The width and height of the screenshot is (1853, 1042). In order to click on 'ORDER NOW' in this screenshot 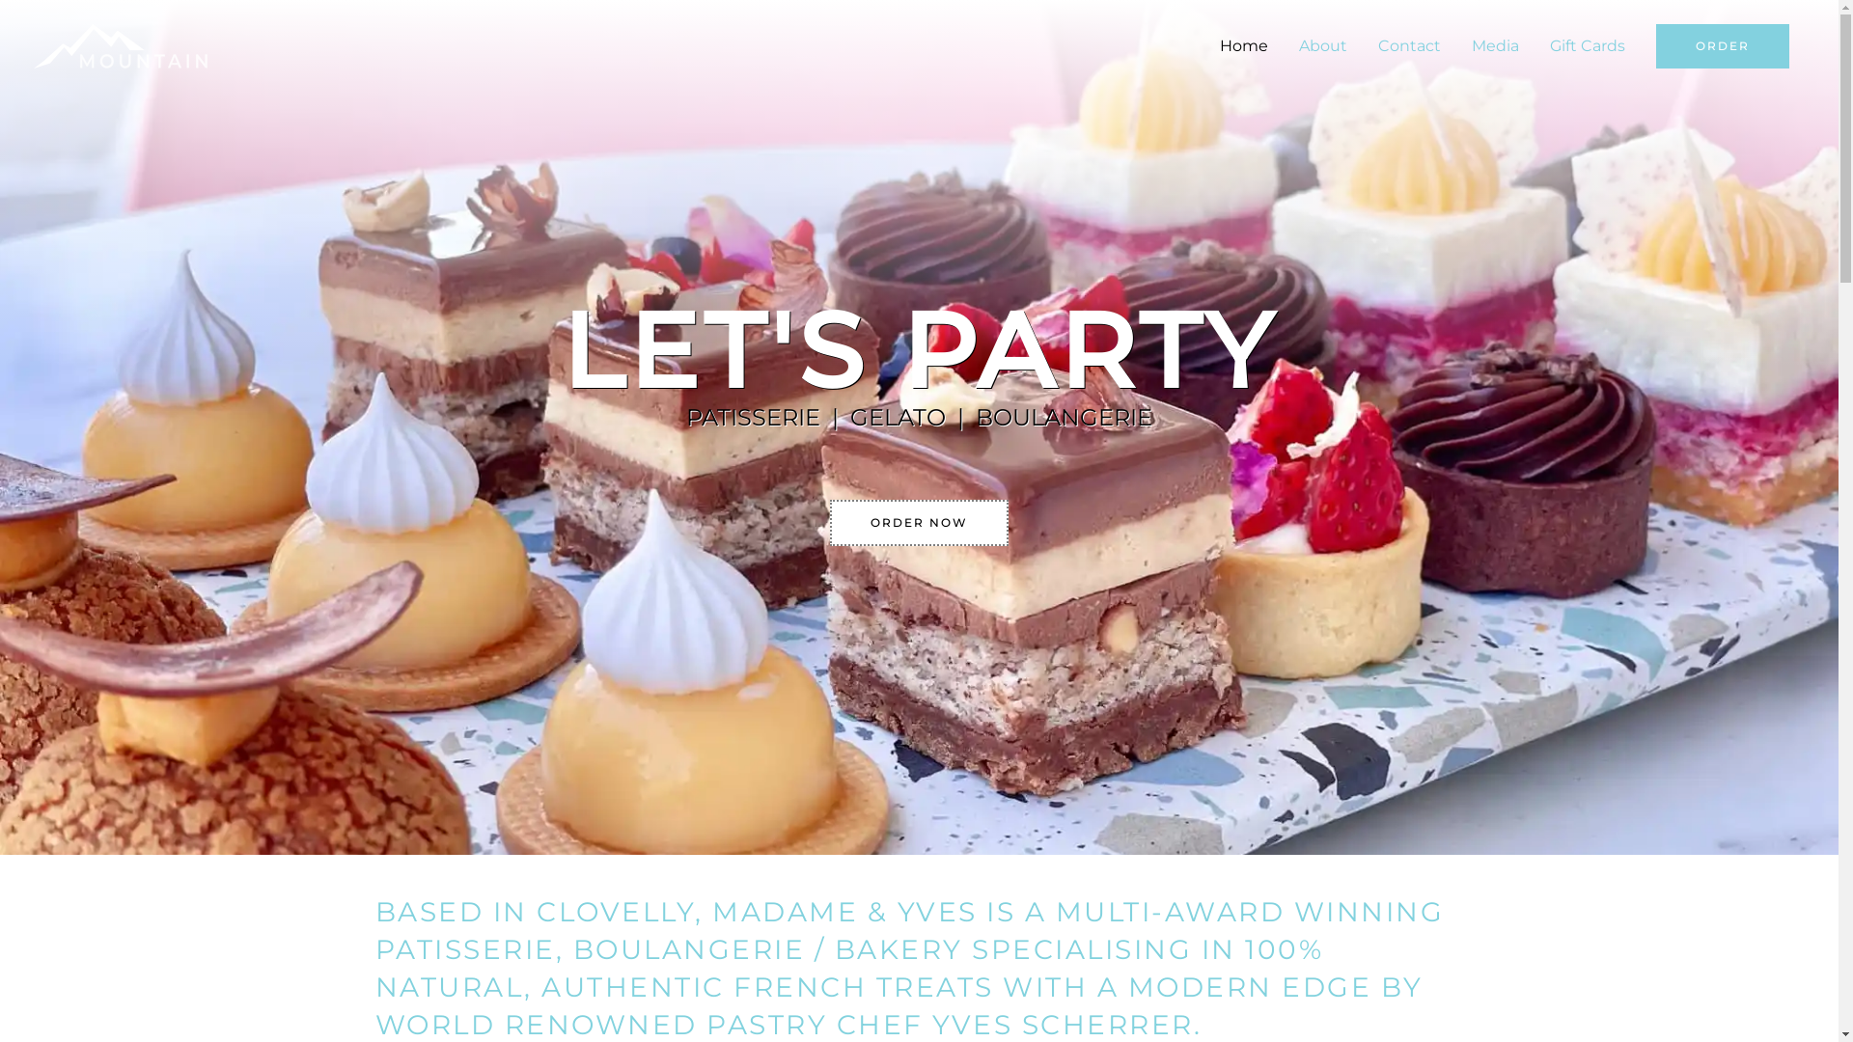, I will do `click(918, 523)`.